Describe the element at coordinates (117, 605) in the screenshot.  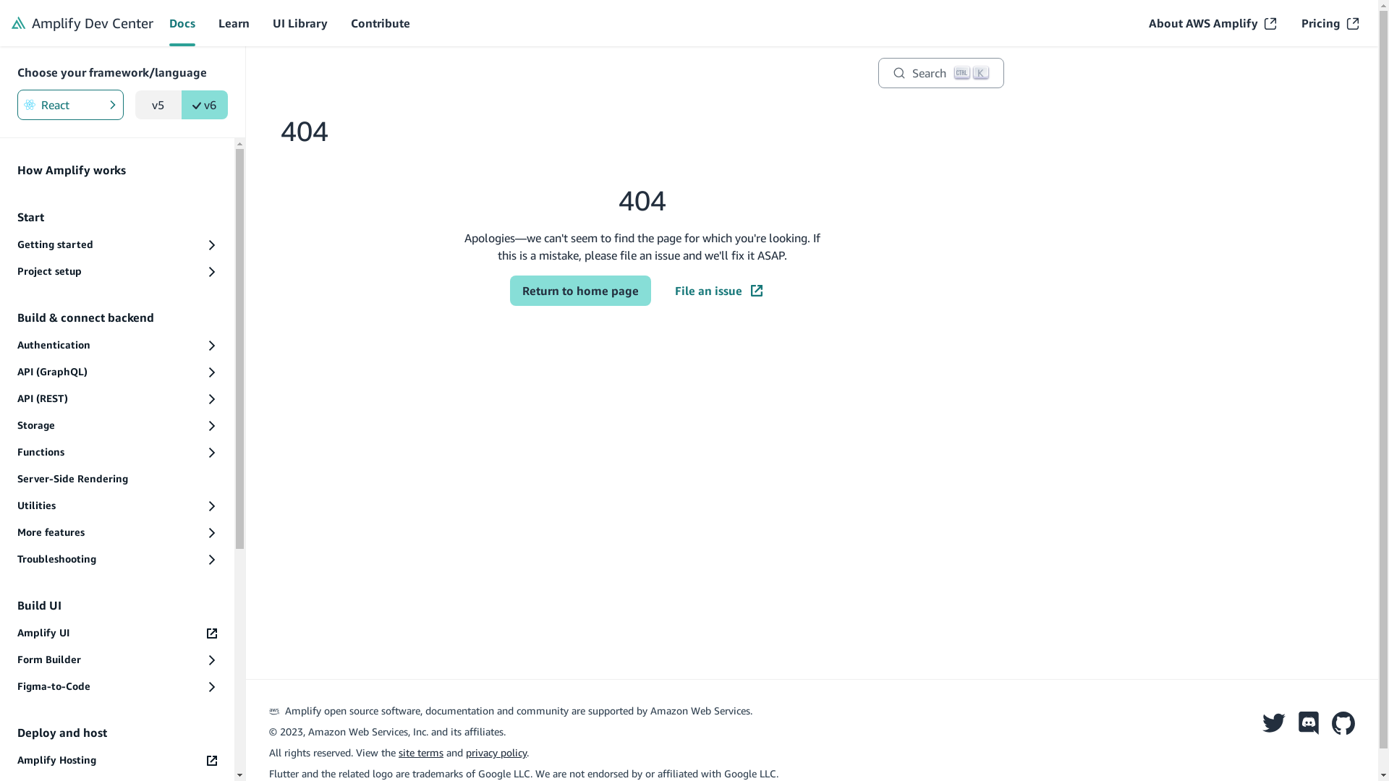
I see `'Build UI'` at that location.